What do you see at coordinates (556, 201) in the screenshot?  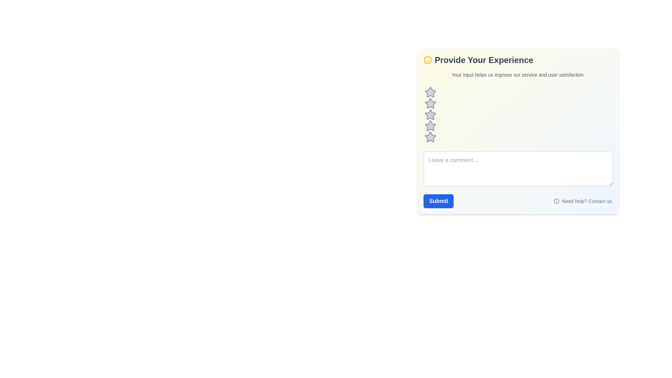 I see `the circular information icon located just to the left of the 'Need help? Contact us.' text` at bounding box center [556, 201].